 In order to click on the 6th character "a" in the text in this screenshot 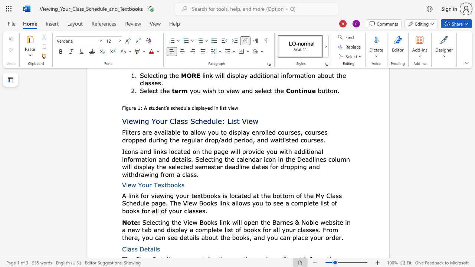, I will do `click(307, 159)`.